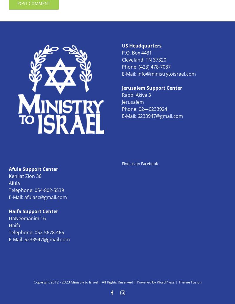 The height and width of the screenshot is (304, 235). I want to click on 'Telephone: 054-802-5539', so click(36, 190).